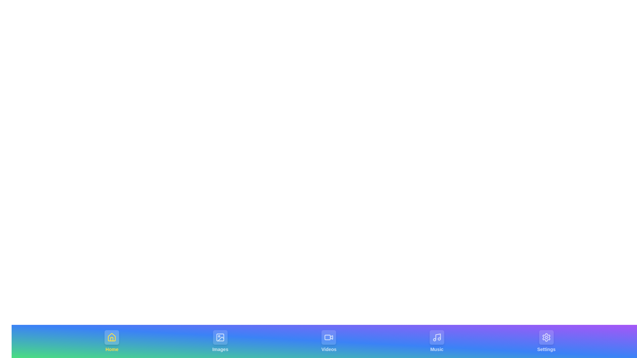 Image resolution: width=637 pixels, height=358 pixels. I want to click on the tab corresponding to Videos, so click(329, 341).